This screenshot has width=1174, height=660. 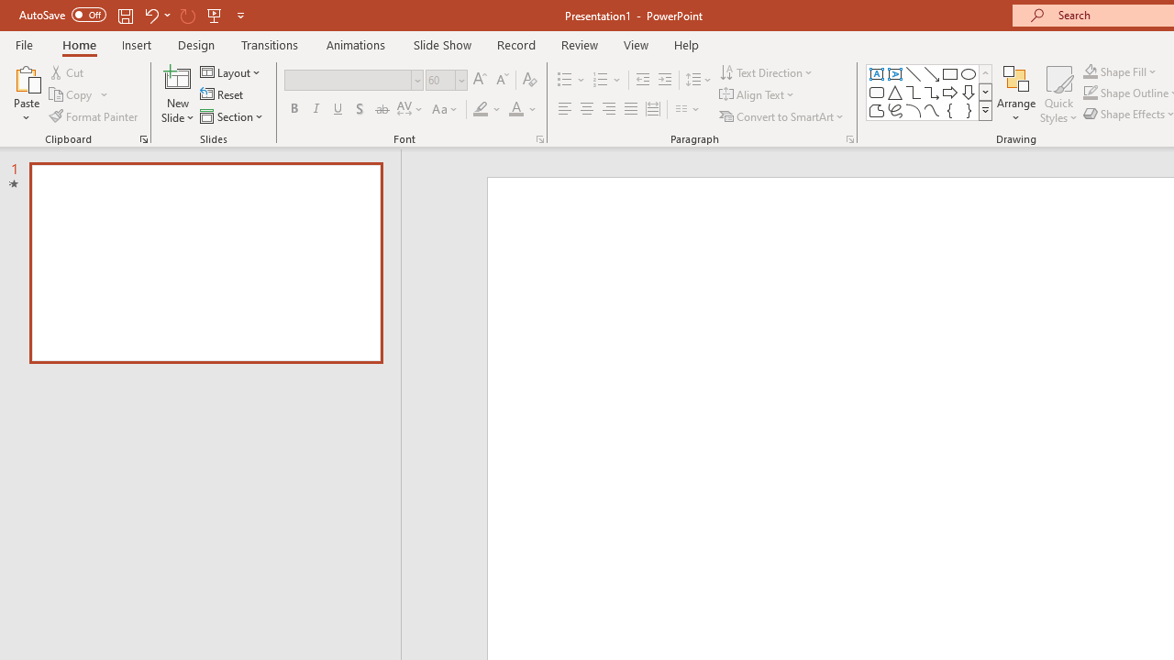 I want to click on 'Align Right', so click(x=608, y=109).